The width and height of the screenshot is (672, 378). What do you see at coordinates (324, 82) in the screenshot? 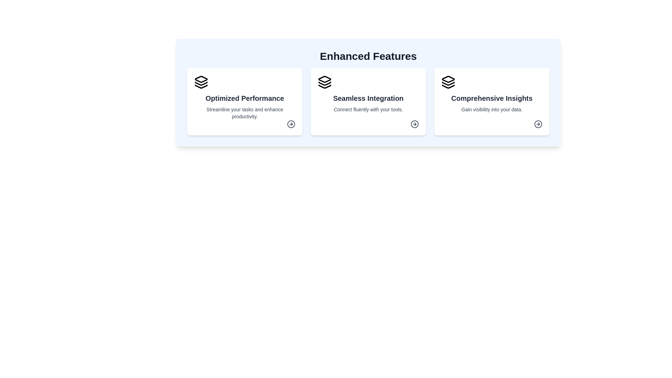
I see `the blue layered content SVG icon located at the top of the second card in the 'Enhanced Features' section, which is positioned above the heading 'Seamless Integration'` at bounding box center [324, 82].